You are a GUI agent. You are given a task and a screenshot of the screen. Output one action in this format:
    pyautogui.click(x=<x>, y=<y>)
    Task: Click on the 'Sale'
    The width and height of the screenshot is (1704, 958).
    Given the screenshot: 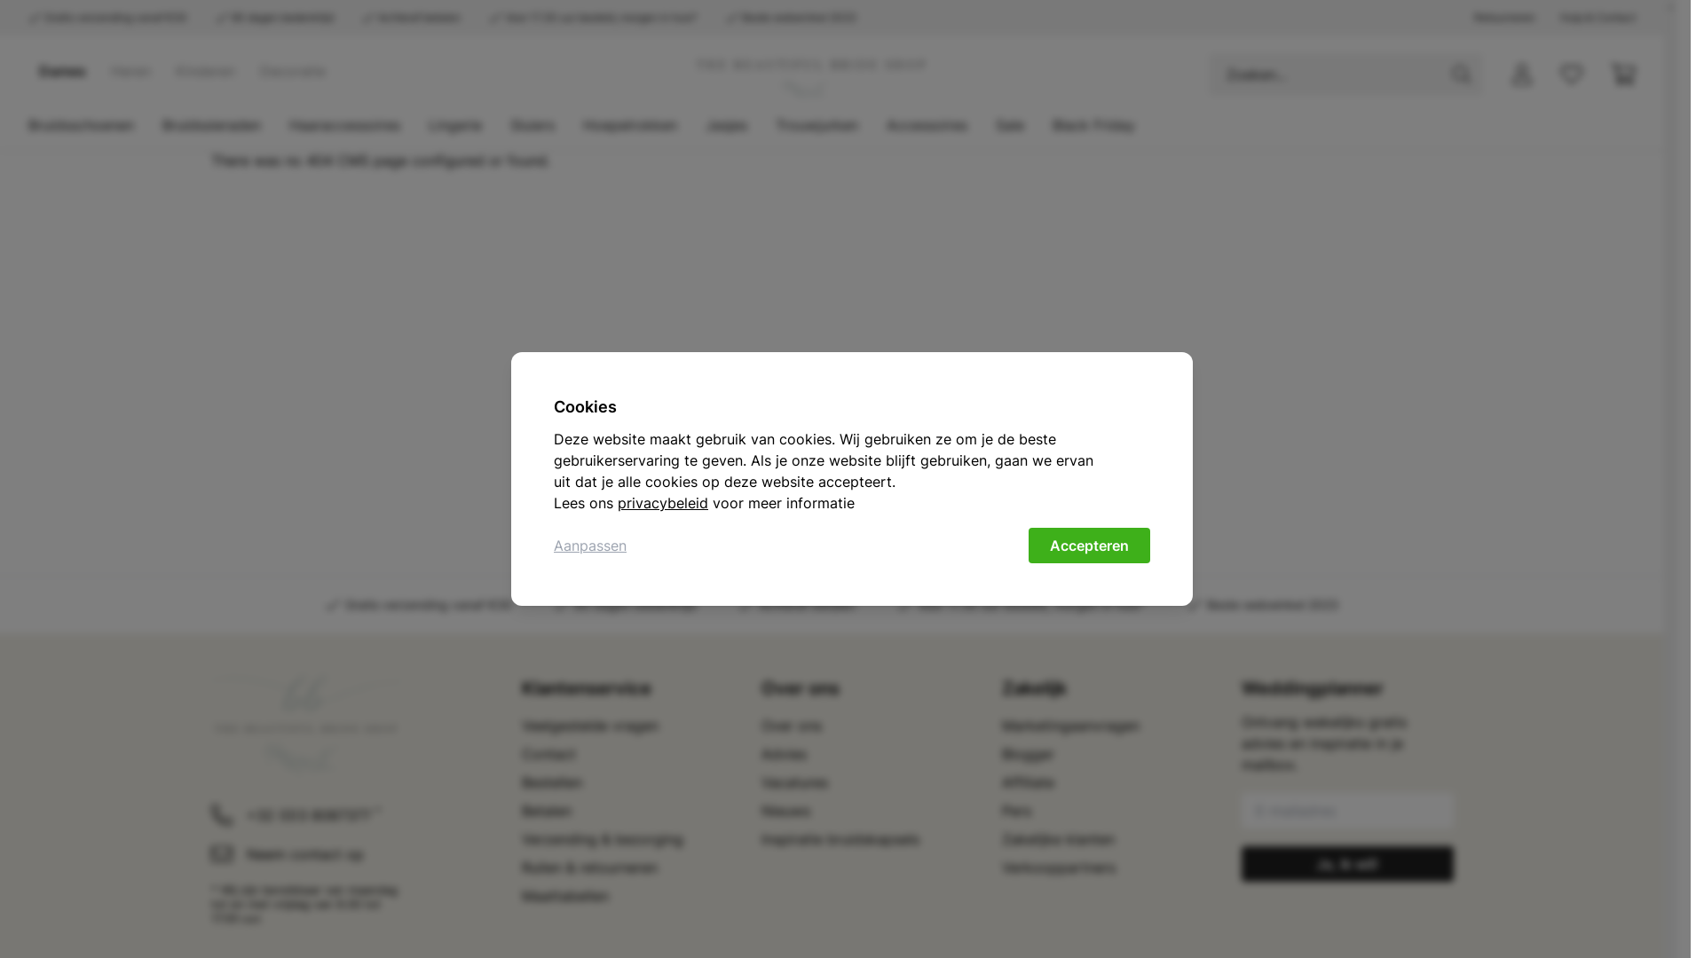 What is the action you would take?
    pyautogui.click(x=1009, y=124)
    